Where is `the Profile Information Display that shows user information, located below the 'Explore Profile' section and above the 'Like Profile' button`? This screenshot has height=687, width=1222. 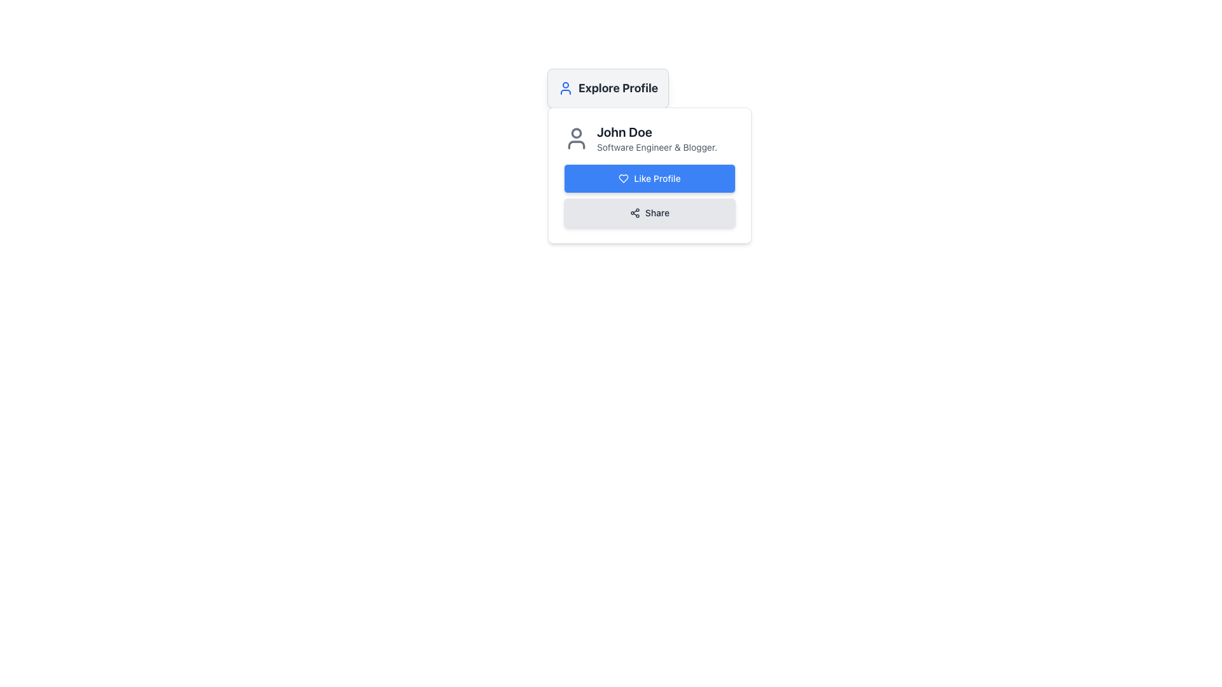
the Profile Information Display that shows user information, located below the 'Explore Profile' section and above the 'Like Profile' button is located at coordinates (649, 139).